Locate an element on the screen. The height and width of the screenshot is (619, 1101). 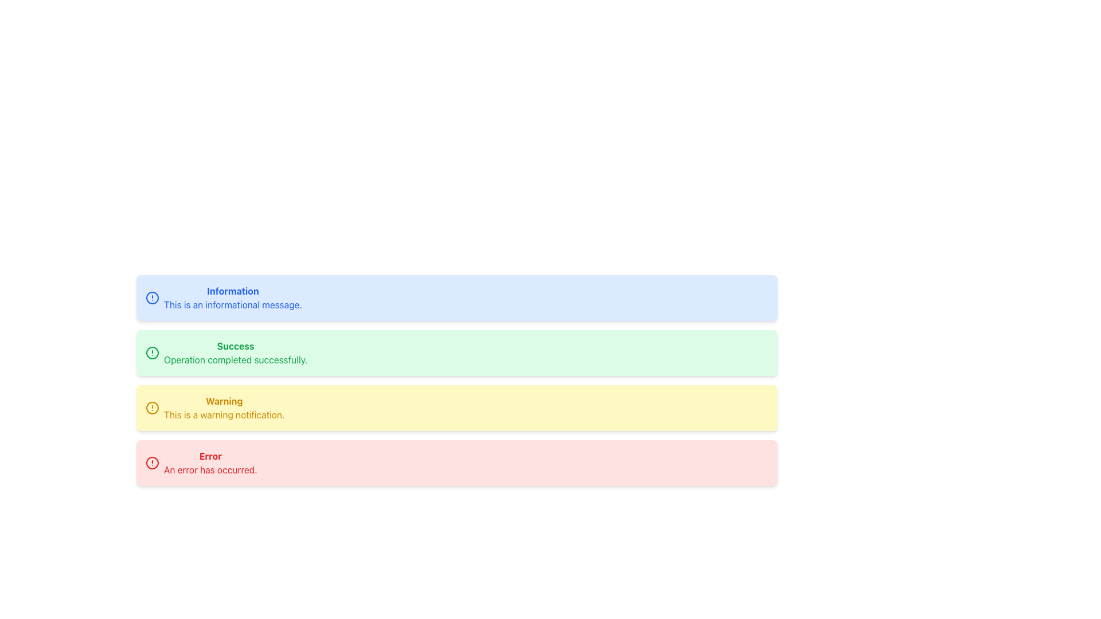
the Notification box, which is the third notification from the top in the notification group is located at coordinates (224, 408).